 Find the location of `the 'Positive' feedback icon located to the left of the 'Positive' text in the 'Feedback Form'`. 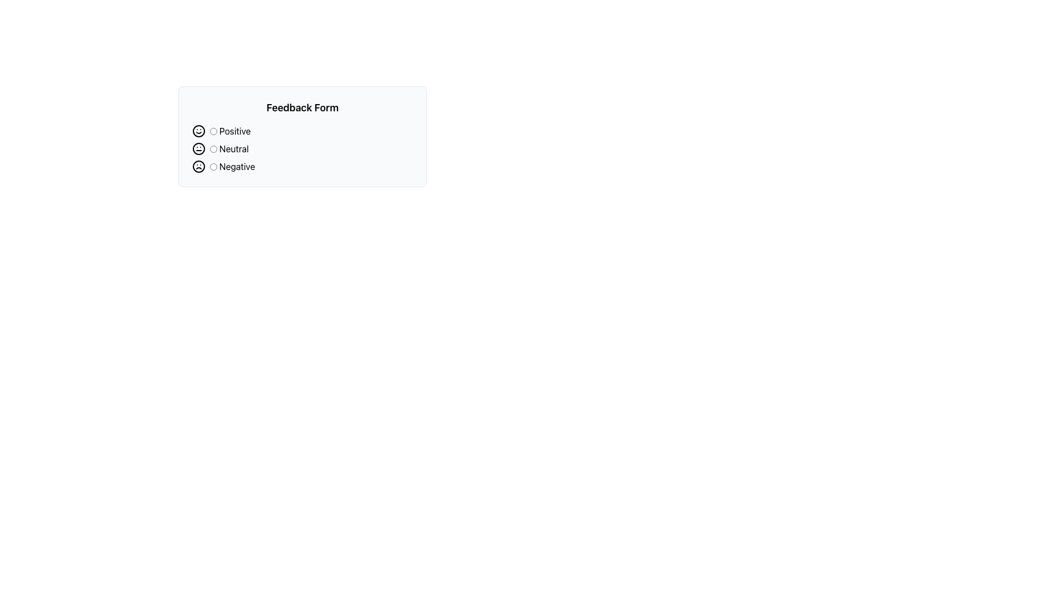

the 'Positive' feedback icon located to the left of the 'Positive' text in the 'Feedback Form' is located at coordinates (199, 130).